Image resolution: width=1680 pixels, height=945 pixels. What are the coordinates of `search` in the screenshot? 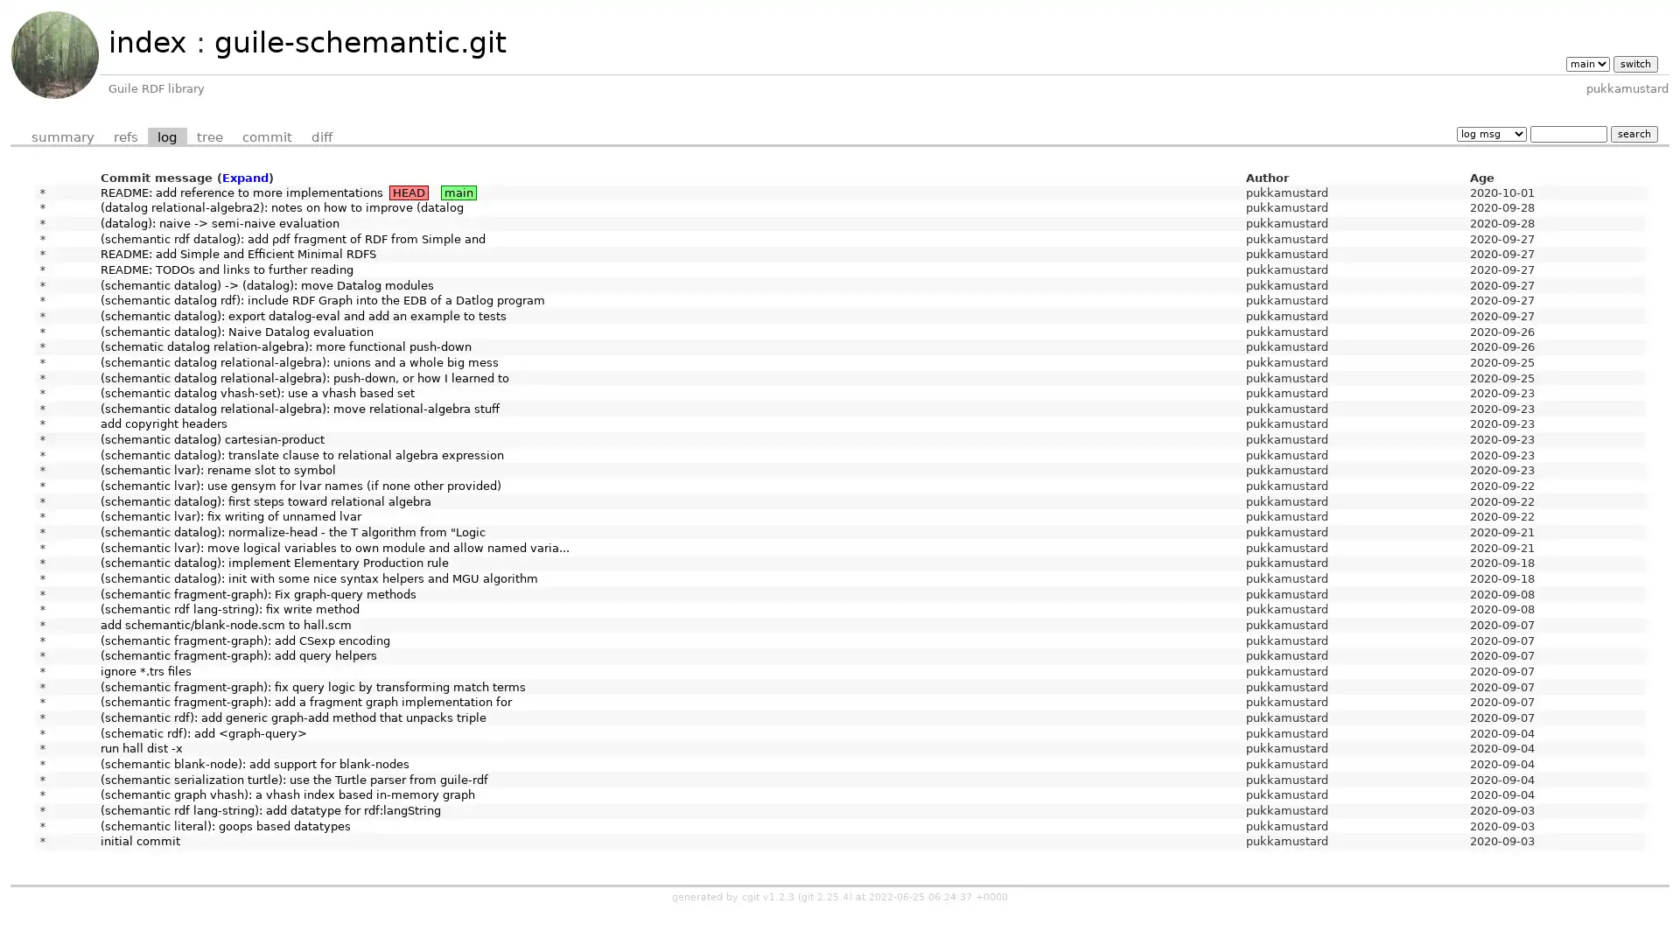 It's located at (1633, 132).